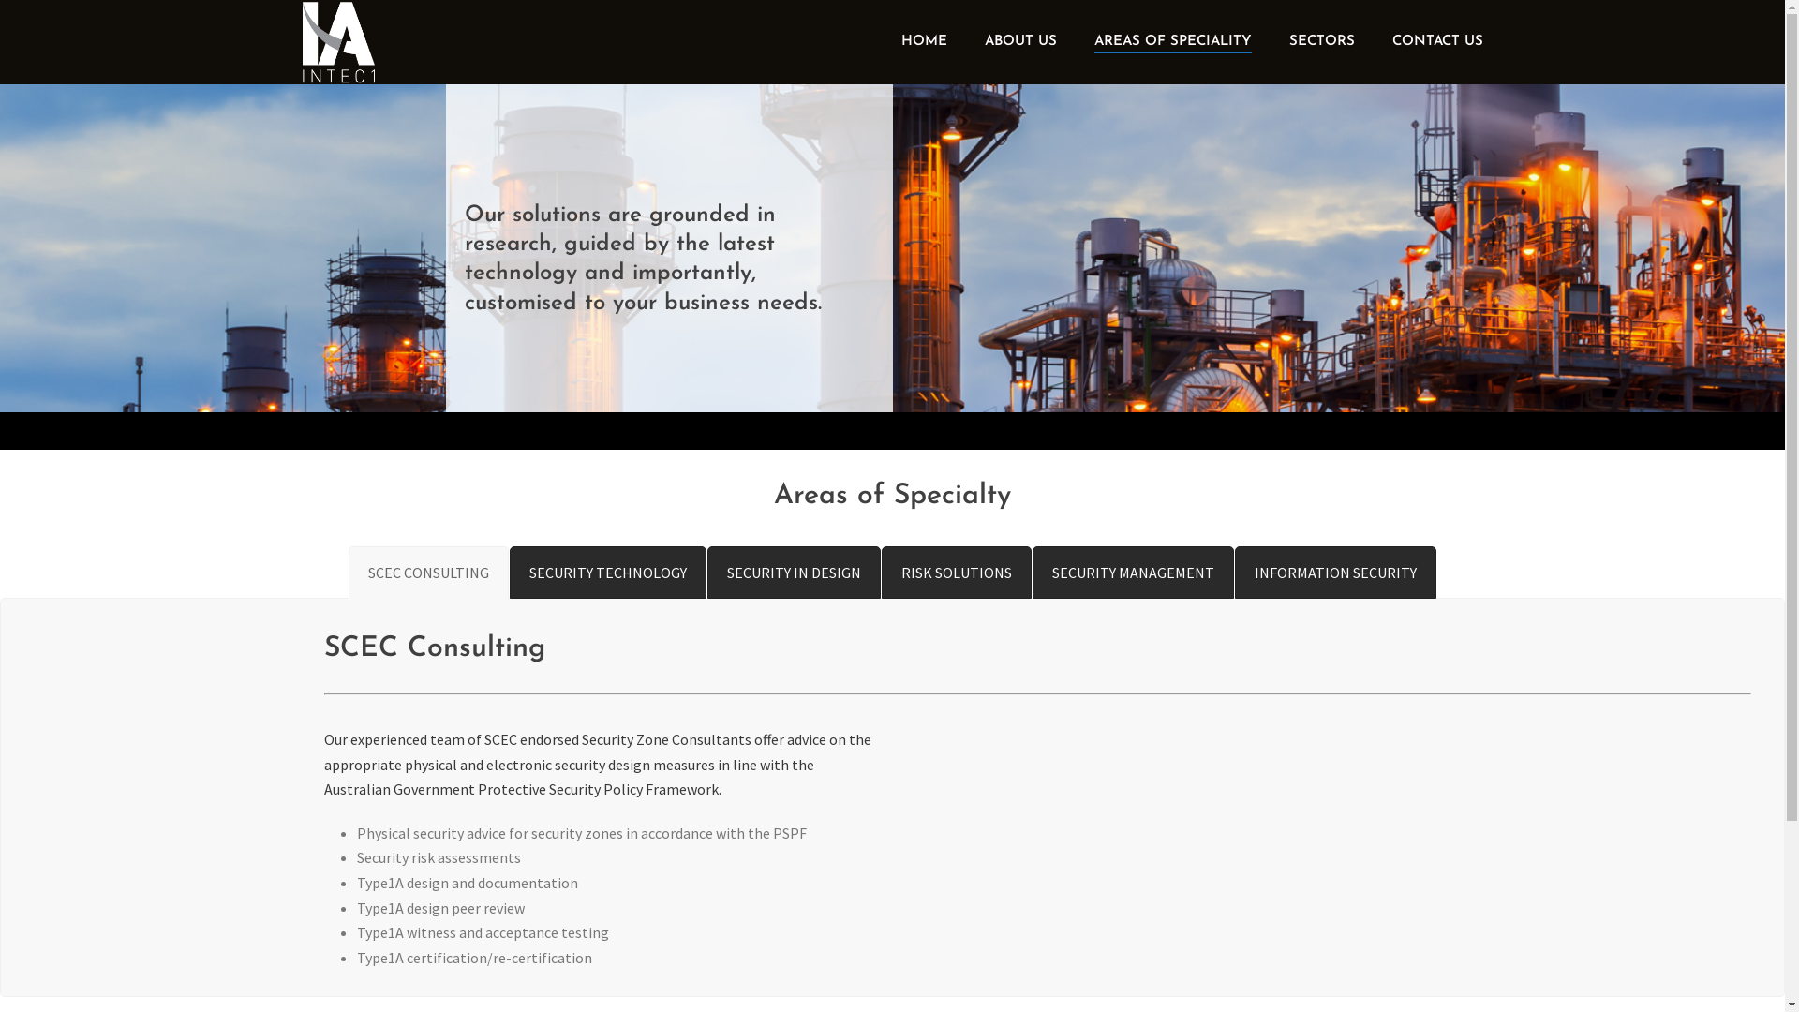  I want to click on 'SECTORS', so click(1321, 42).